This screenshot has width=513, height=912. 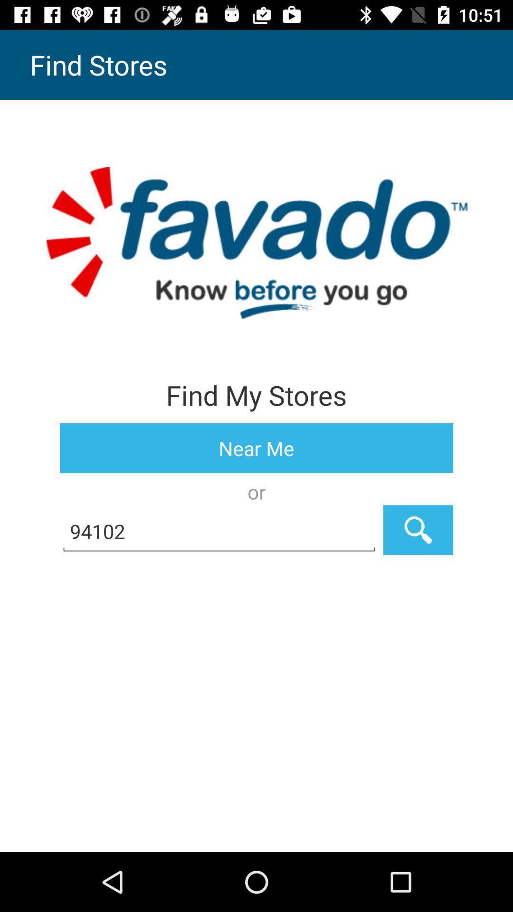 What do you see at coordinates (256, 447) in the screenshot?
I see `the near me icon` at bounding box center [256, 447].